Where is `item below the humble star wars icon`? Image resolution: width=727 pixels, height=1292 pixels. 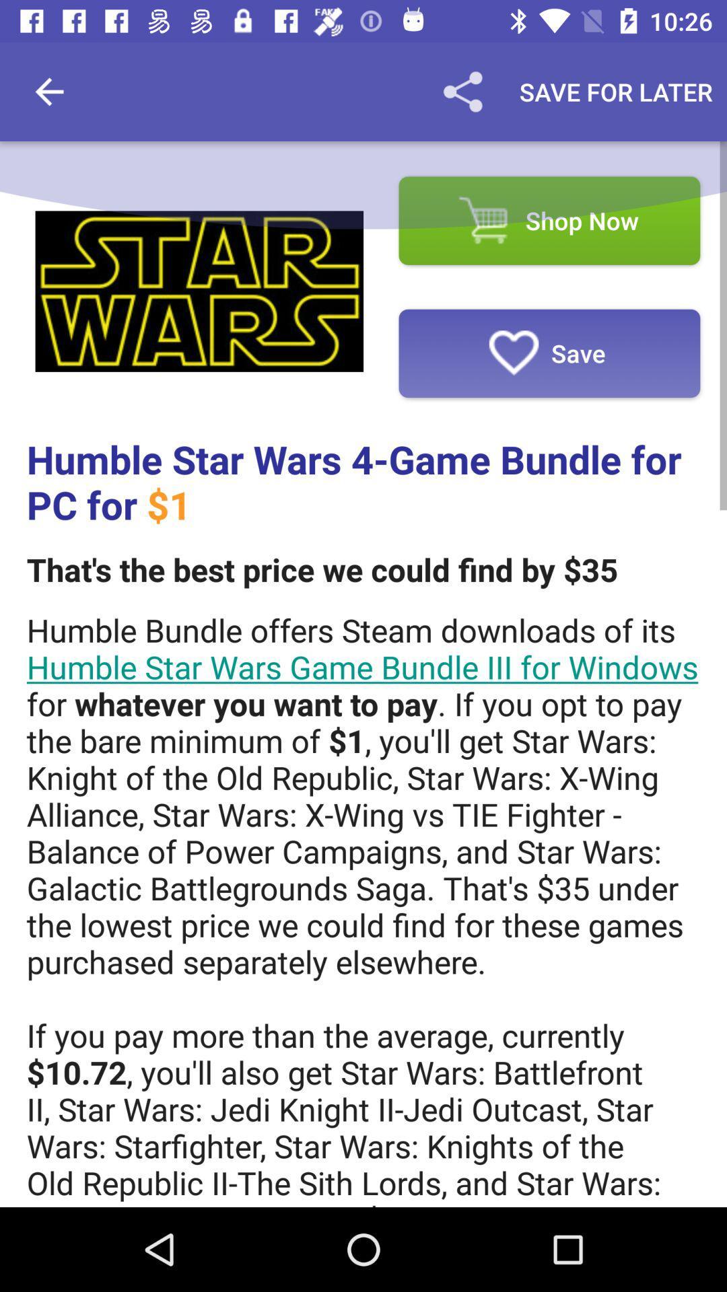
item below the humble star wars icon is located at coordinates (322, 569).